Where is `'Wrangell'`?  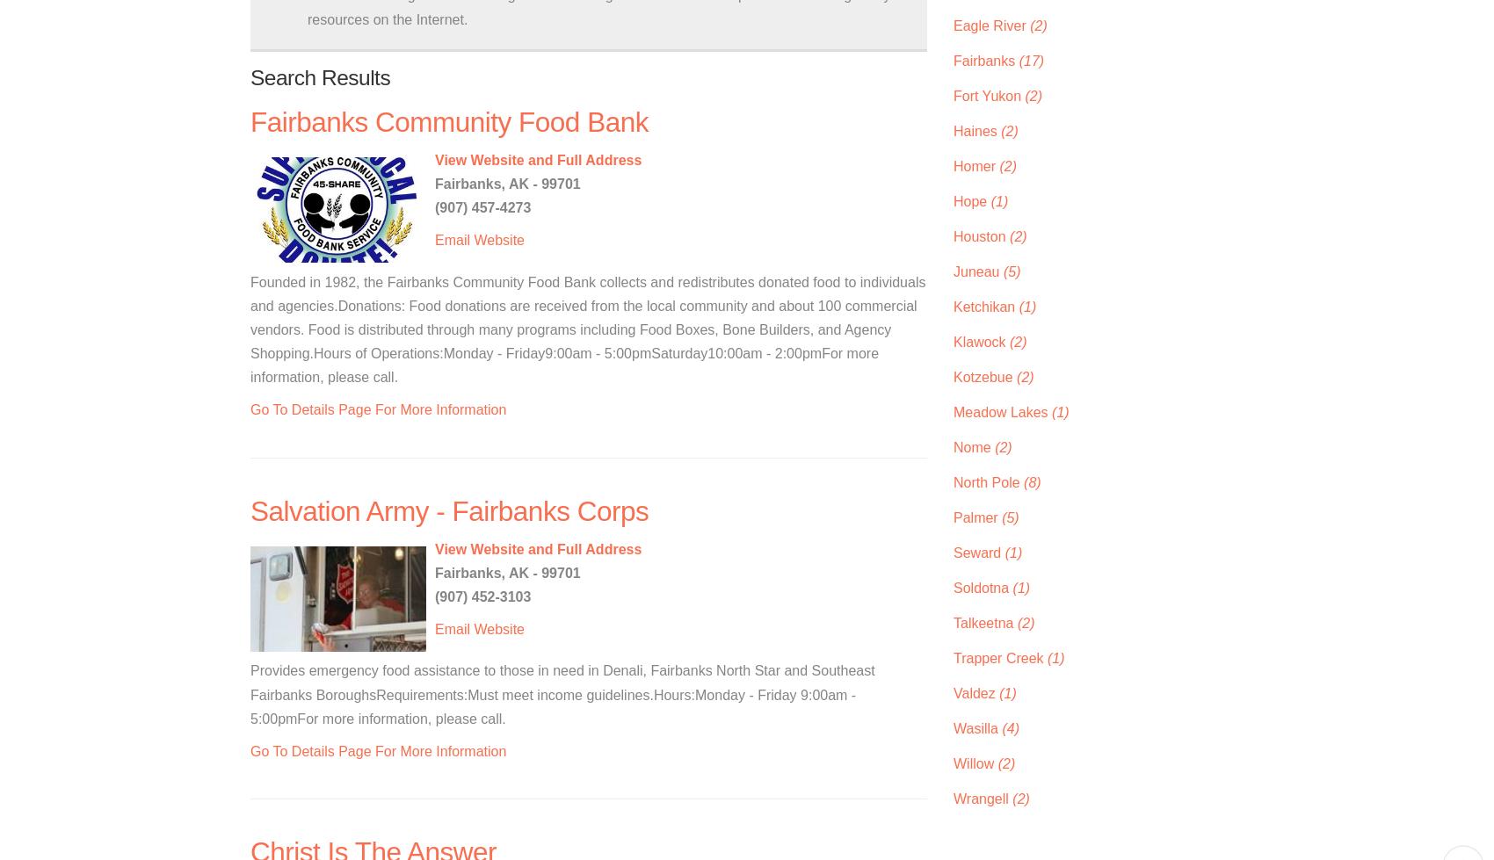 'Wrangell' is located at coordinates (983, 797).